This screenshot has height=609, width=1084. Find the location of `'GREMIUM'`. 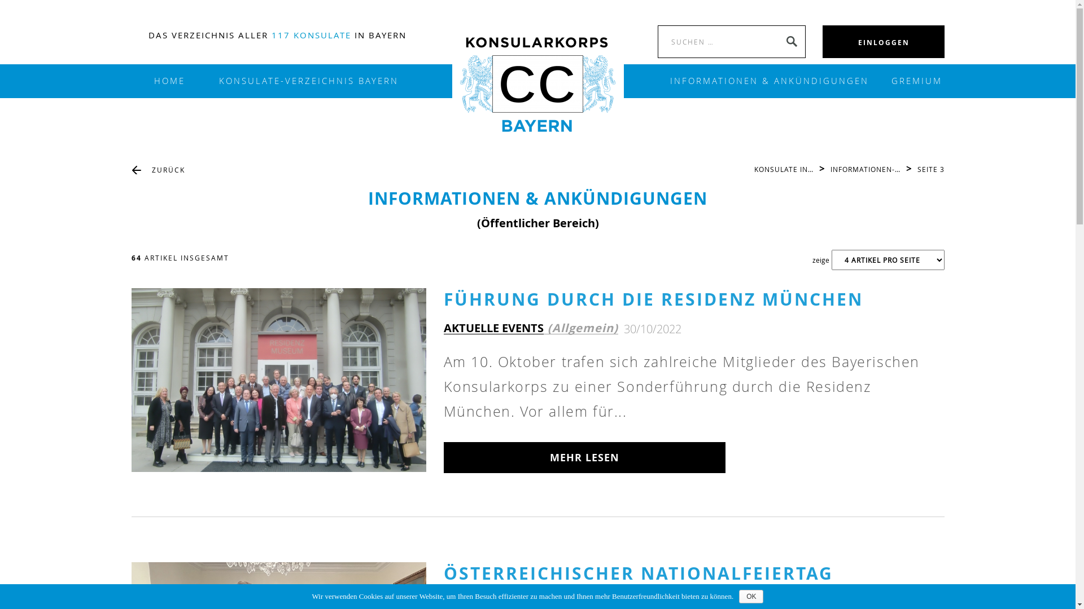

'GREMIUM' is located at coordinates (911, 80).